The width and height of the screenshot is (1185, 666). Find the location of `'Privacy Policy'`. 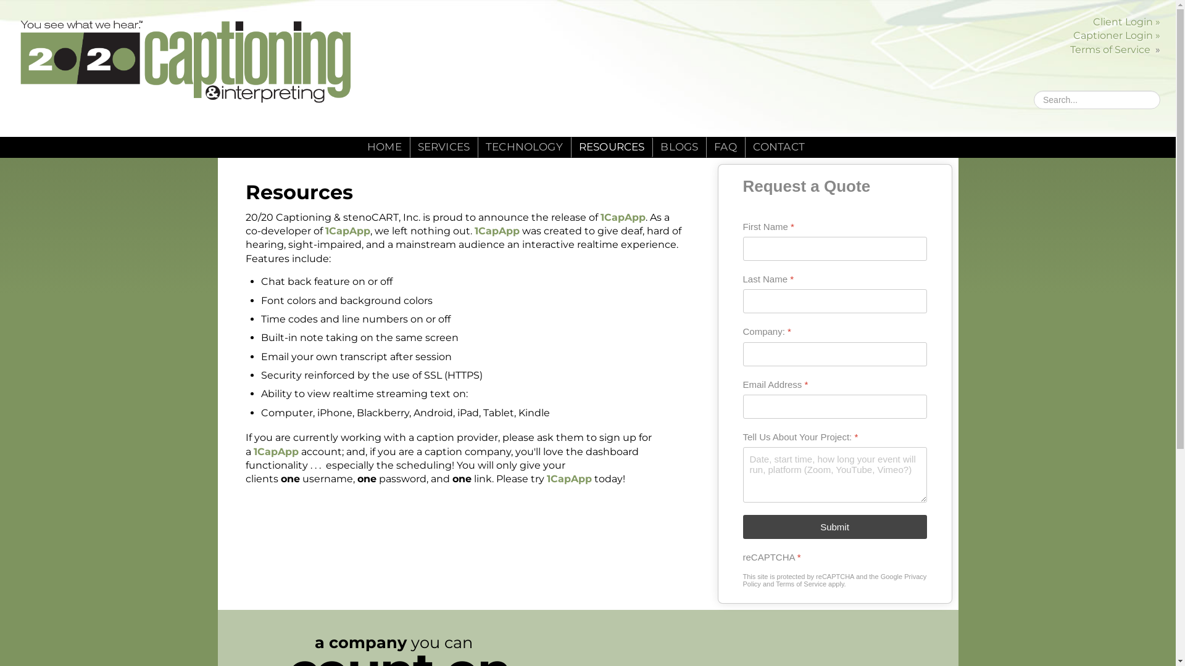

'Privacy Policy' is located at coordinates (835, 580).